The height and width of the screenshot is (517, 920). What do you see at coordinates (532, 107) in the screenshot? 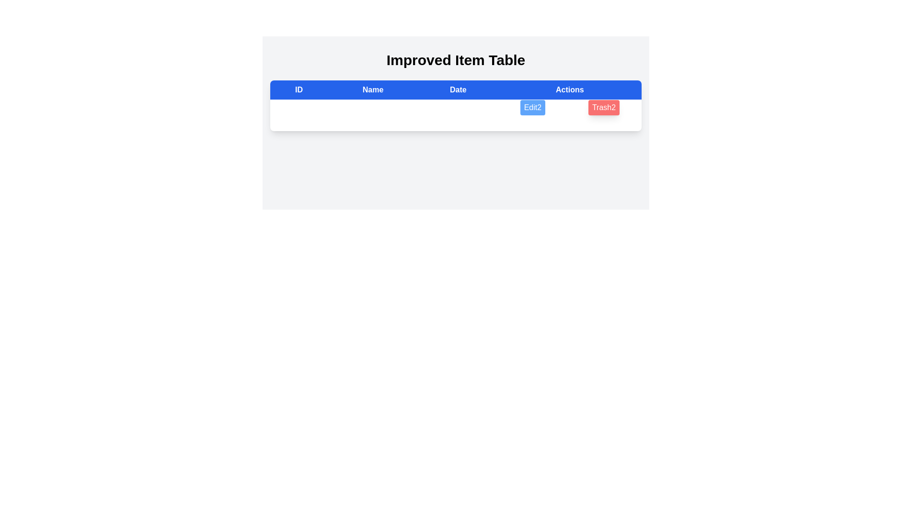
I see `the 'Edit' button to edit the corresponding row` at bounding box center [532, 107].